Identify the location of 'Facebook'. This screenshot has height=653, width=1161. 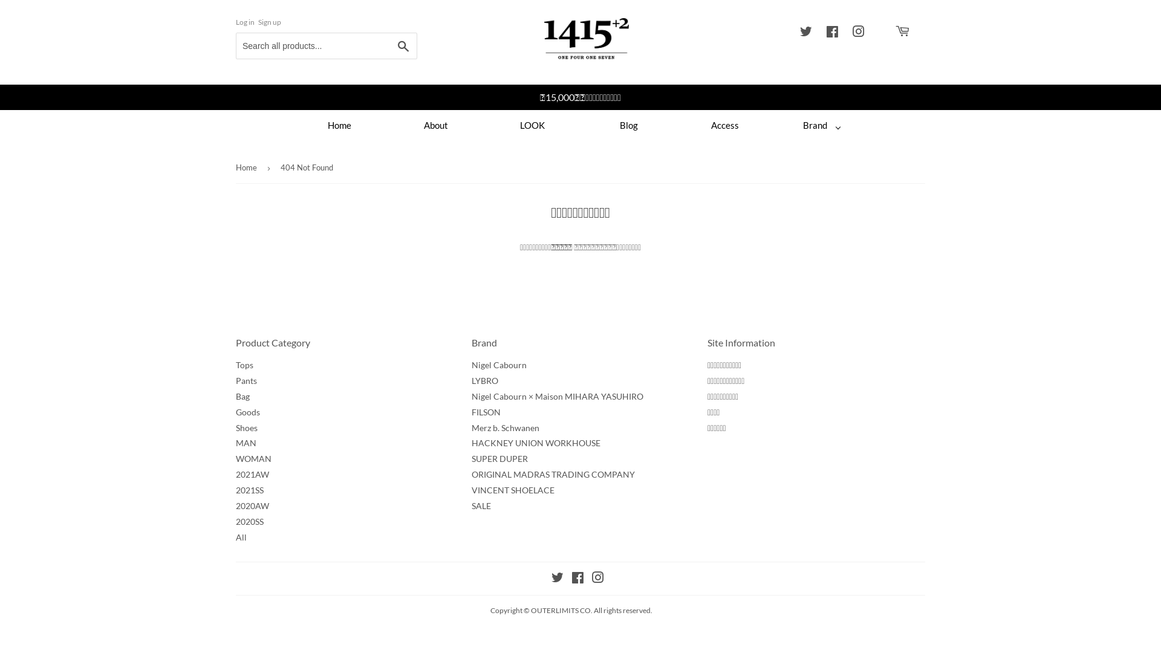
(576, 578).